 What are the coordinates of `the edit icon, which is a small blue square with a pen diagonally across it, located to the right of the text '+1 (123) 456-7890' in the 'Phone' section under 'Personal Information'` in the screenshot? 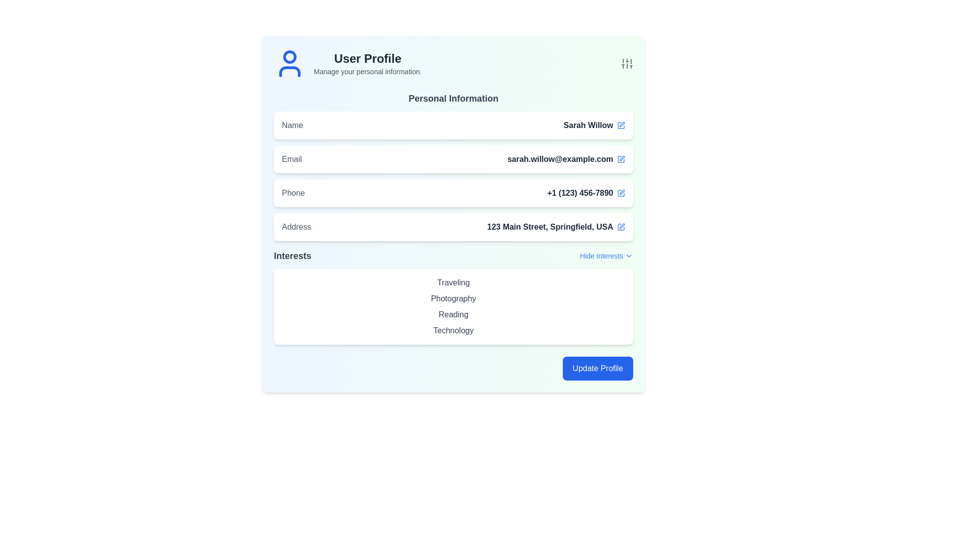 It's located at (620, 193).